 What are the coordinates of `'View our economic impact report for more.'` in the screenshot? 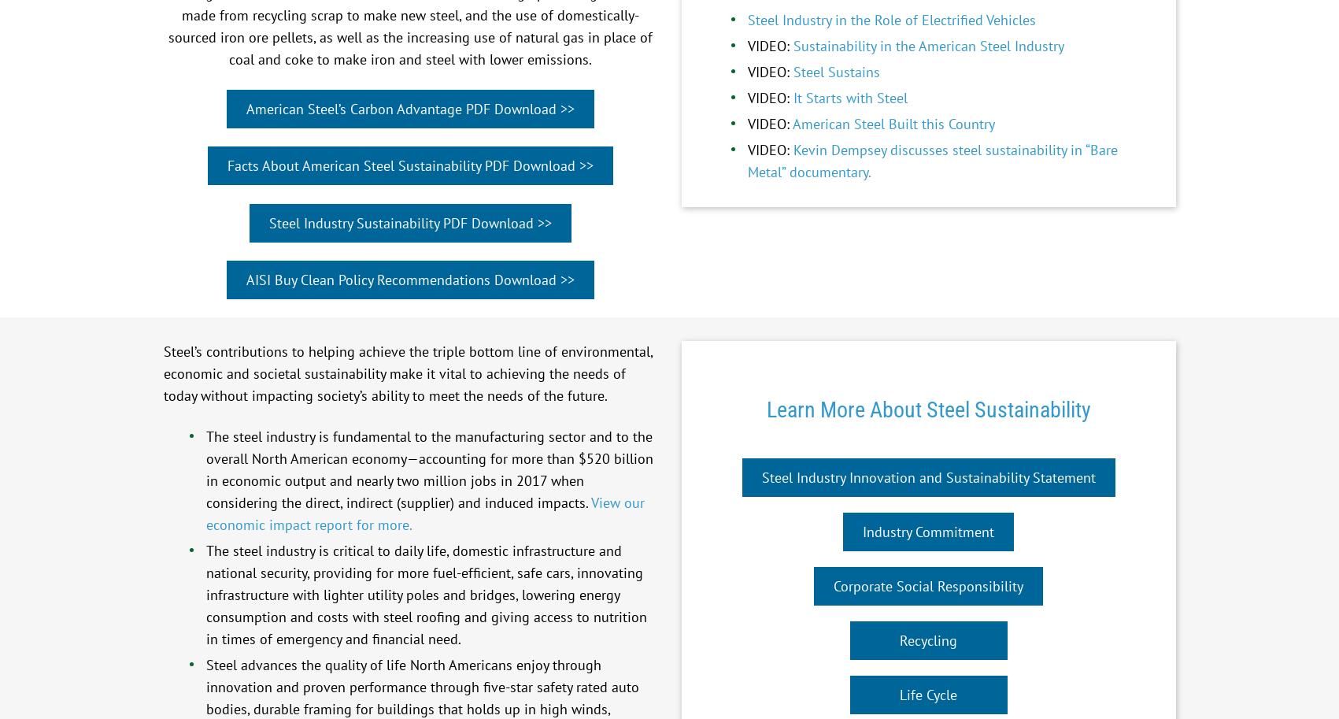 It's located at (424, 512).